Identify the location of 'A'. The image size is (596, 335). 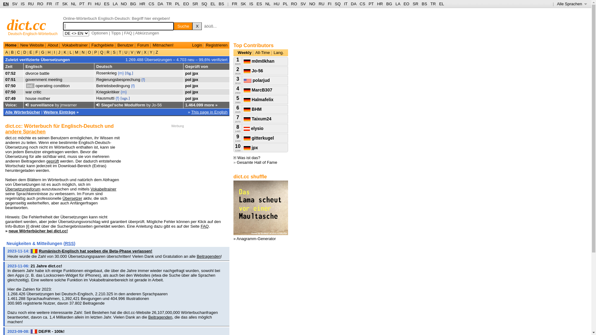
(7, 52).